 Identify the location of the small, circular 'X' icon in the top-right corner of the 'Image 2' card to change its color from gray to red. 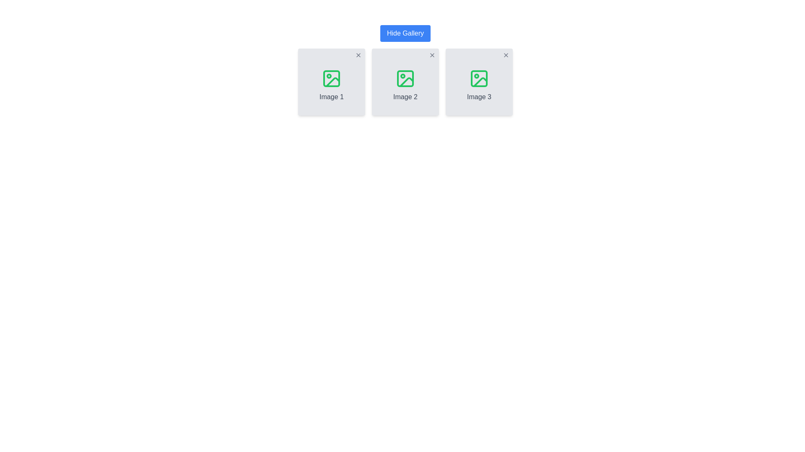
(432, 55).